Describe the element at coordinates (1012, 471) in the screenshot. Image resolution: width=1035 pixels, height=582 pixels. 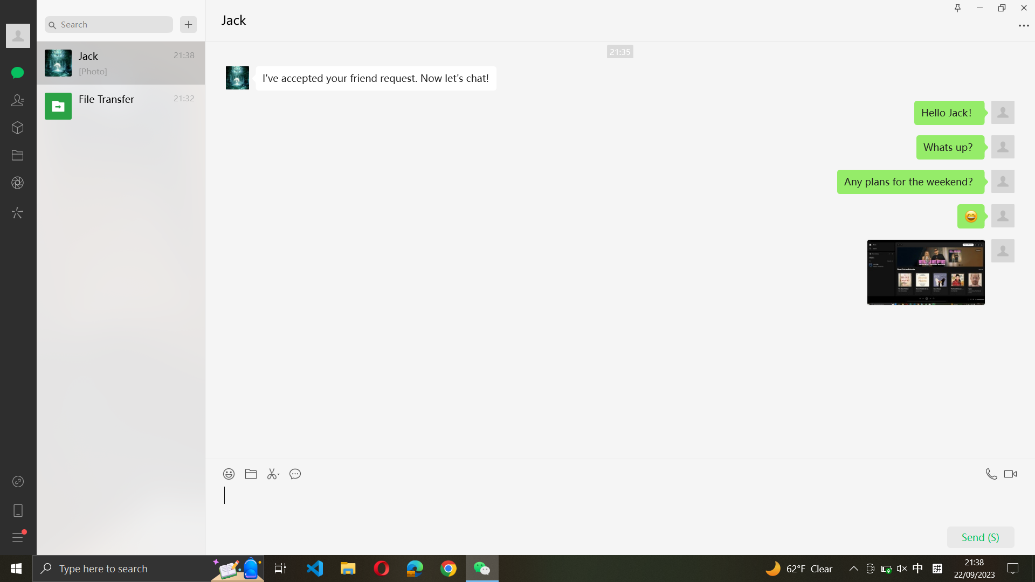
I see `Video Call Jack` at that location.